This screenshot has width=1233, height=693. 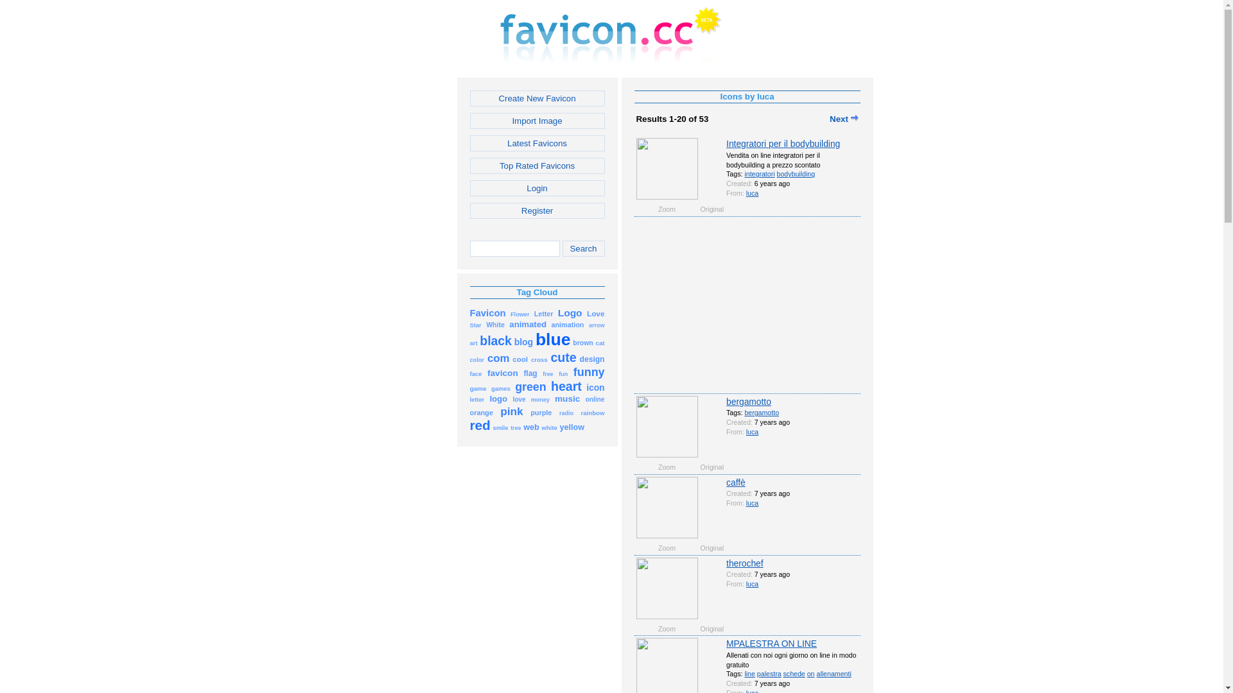 What do you see at coordinates (551, 387) in the screenshot?
I see `'heart'` at bounding box center [551, 387].